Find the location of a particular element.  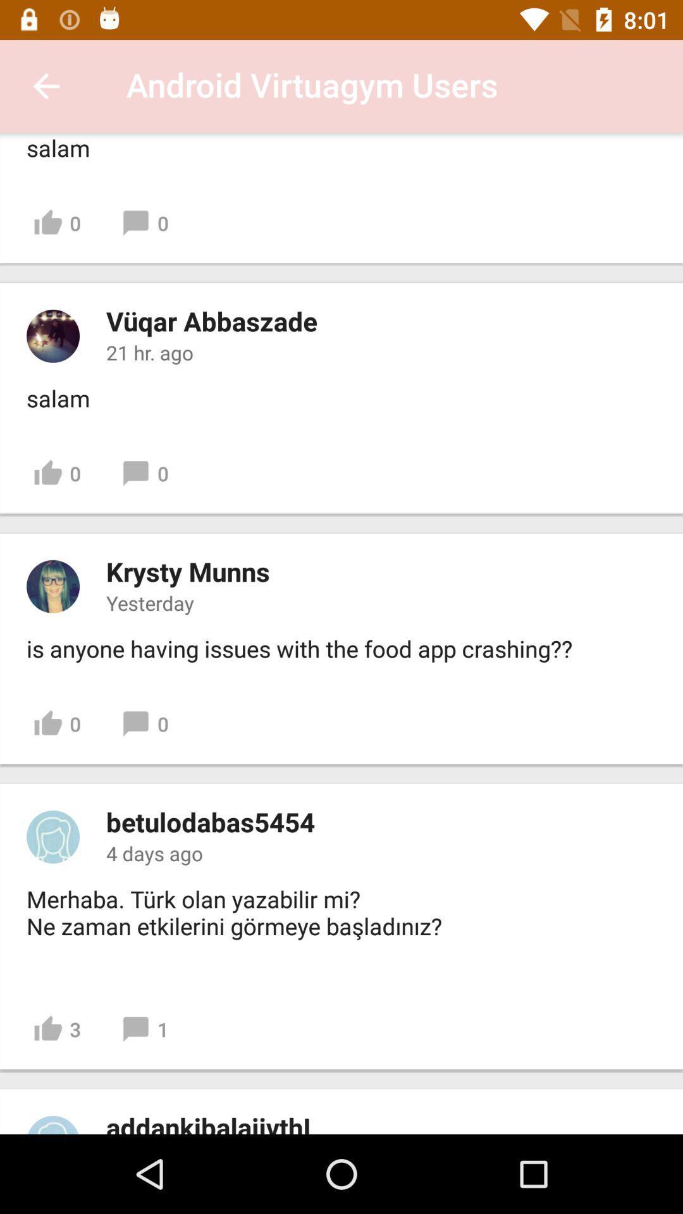

icon below yesterday item is located at coordinates (299, 649).